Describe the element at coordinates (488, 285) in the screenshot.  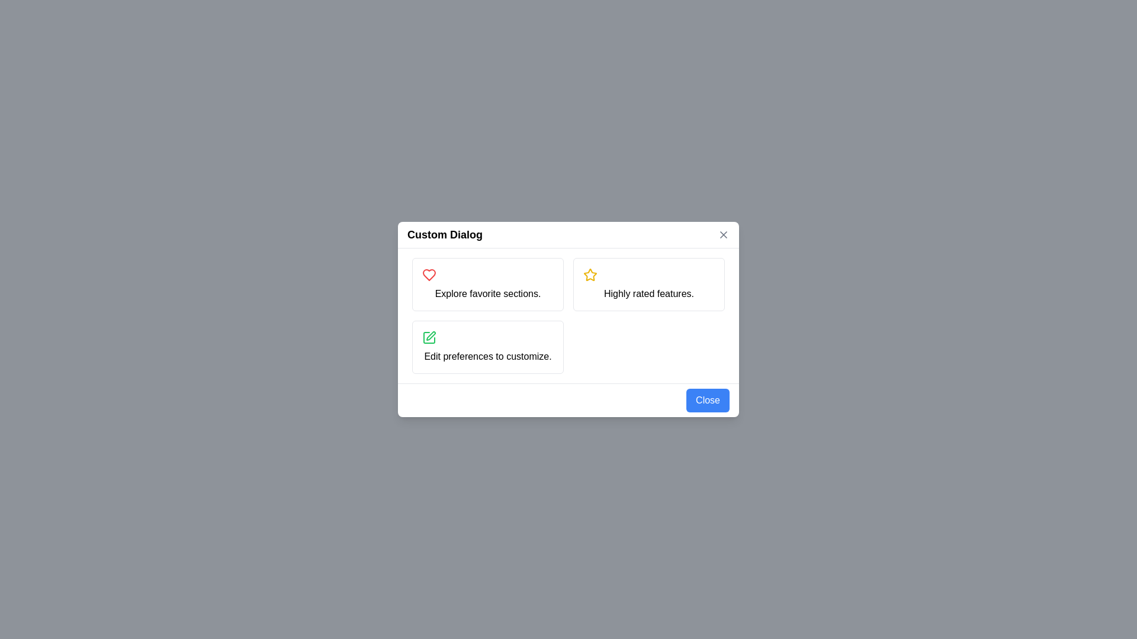
I see `or select the Informational card with a white background, light gray border, and a red heart icon at the top-left corner, containing the text 'Explore favorite sections.'` at that location.